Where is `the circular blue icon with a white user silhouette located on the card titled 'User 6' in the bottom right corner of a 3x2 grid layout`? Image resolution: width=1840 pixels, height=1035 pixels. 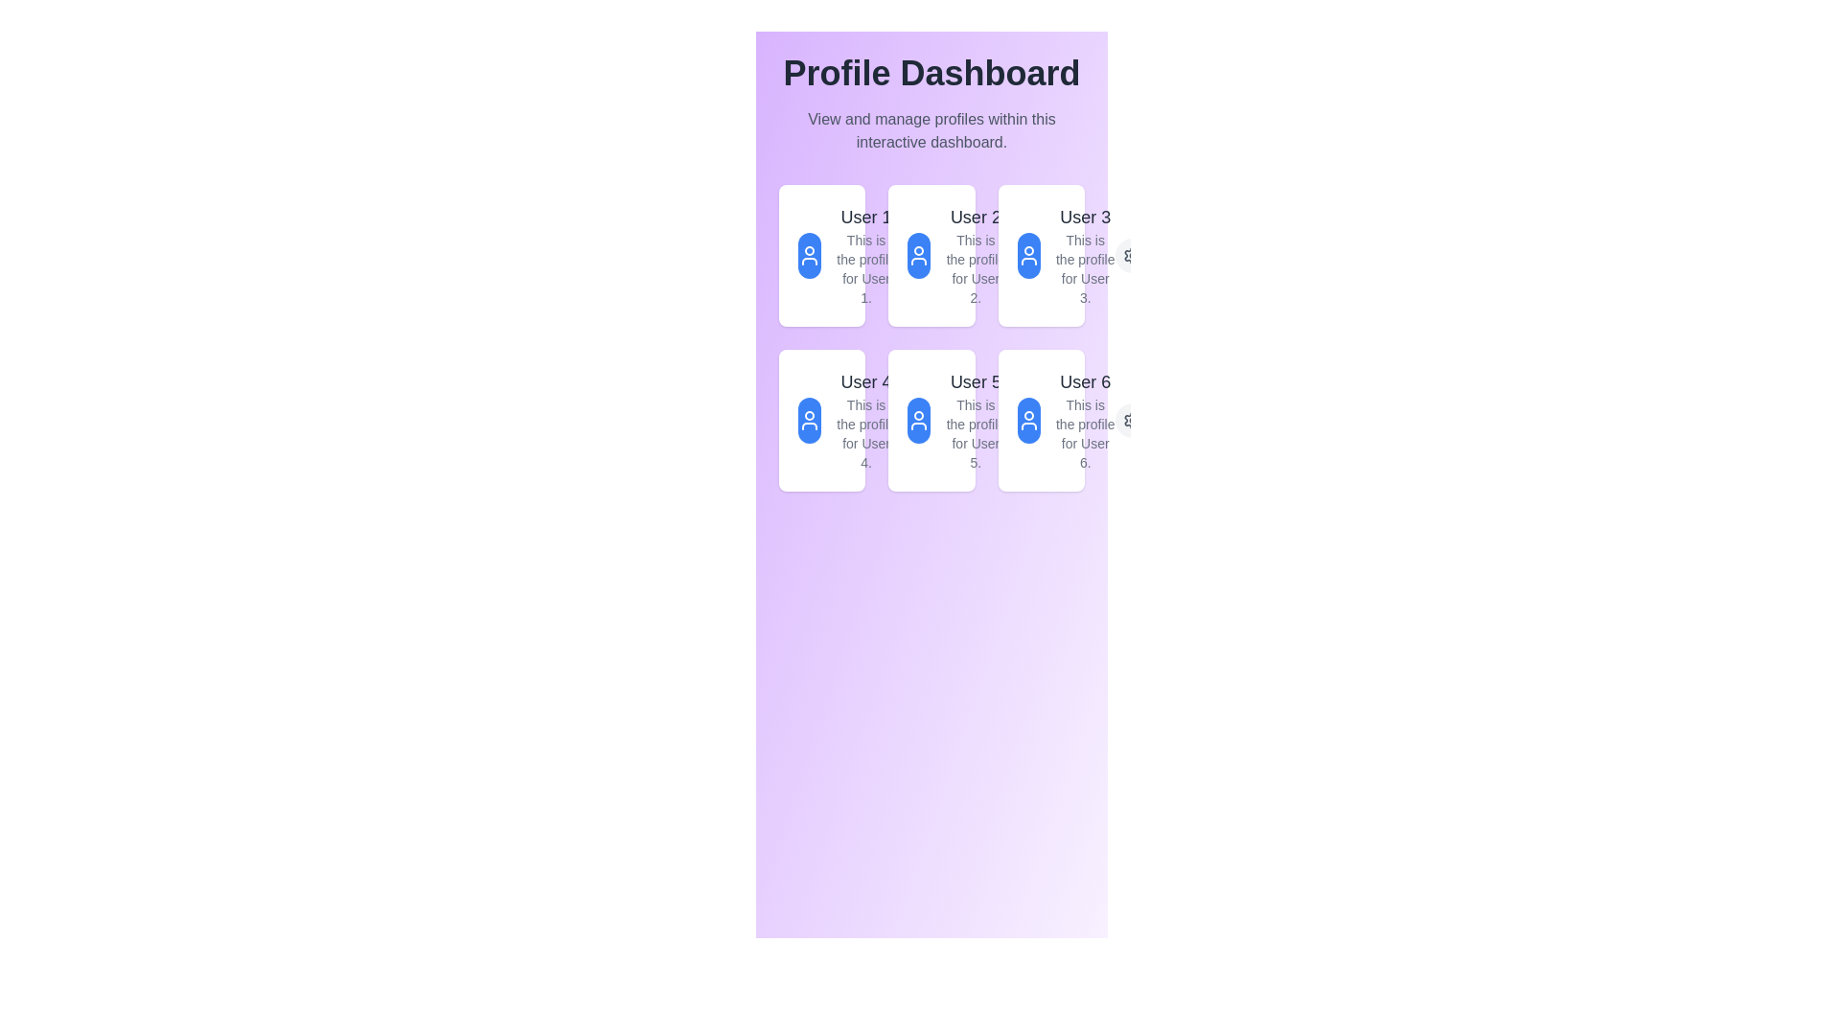 the circular blue icon with a white user silhouette located on the card titled 'User 6' in the bottom right corner of a 3x2 grid layout is located at coordinates (1040, 420).